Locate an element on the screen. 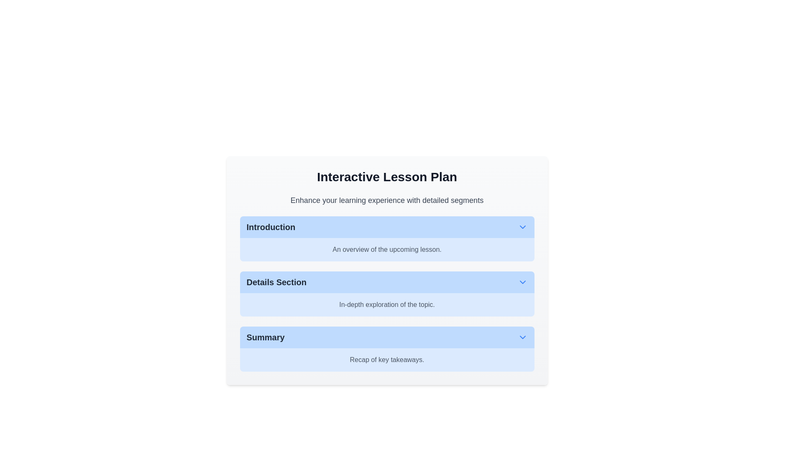  the 'Introduction' text label which serves as the title for the section, located in the blue header of the first card section, to the left of the chevron icon is located at coordinates (271, 227).